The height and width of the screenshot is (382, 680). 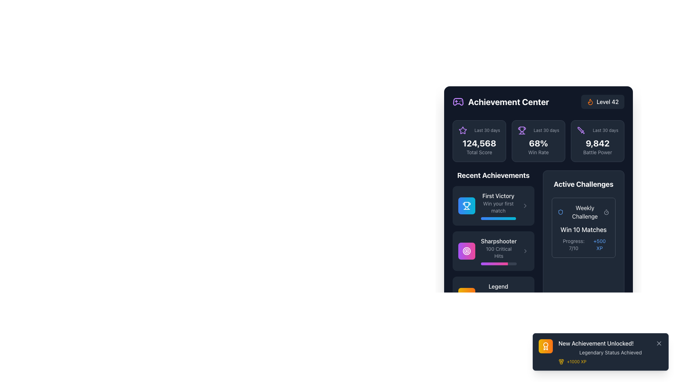 I want to click on the 'Achievement Center' text label with a gamepad icon, which is styled with bold white font on a dark background, located in the top-left corner of its section, so click(x=500, y=102).